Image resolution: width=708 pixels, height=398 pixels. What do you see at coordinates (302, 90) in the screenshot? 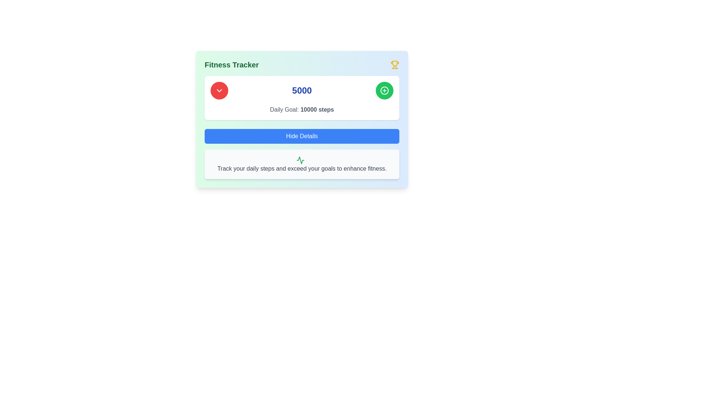
I see `the Text Label displaying the current step count in the fitness tracker interface, which is centrally positioned between a red circular button on the left and a green circular button on the right` at bounding box center [302, 90].